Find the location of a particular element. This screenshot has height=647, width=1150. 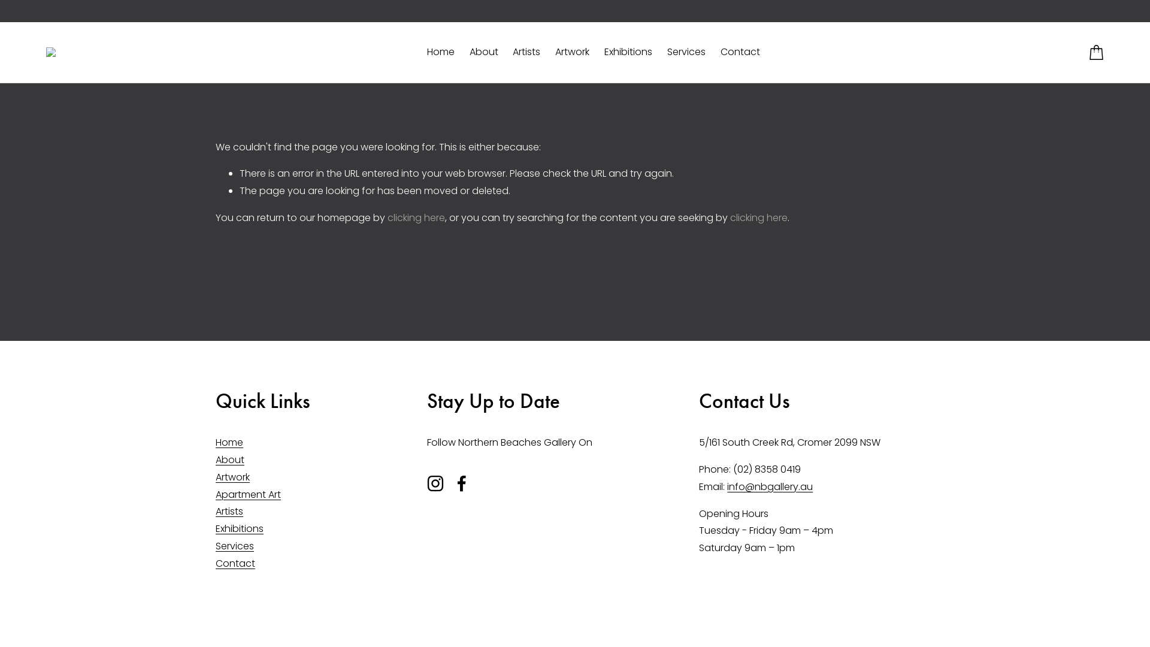

'Home' is located at coordinates (229, 443).